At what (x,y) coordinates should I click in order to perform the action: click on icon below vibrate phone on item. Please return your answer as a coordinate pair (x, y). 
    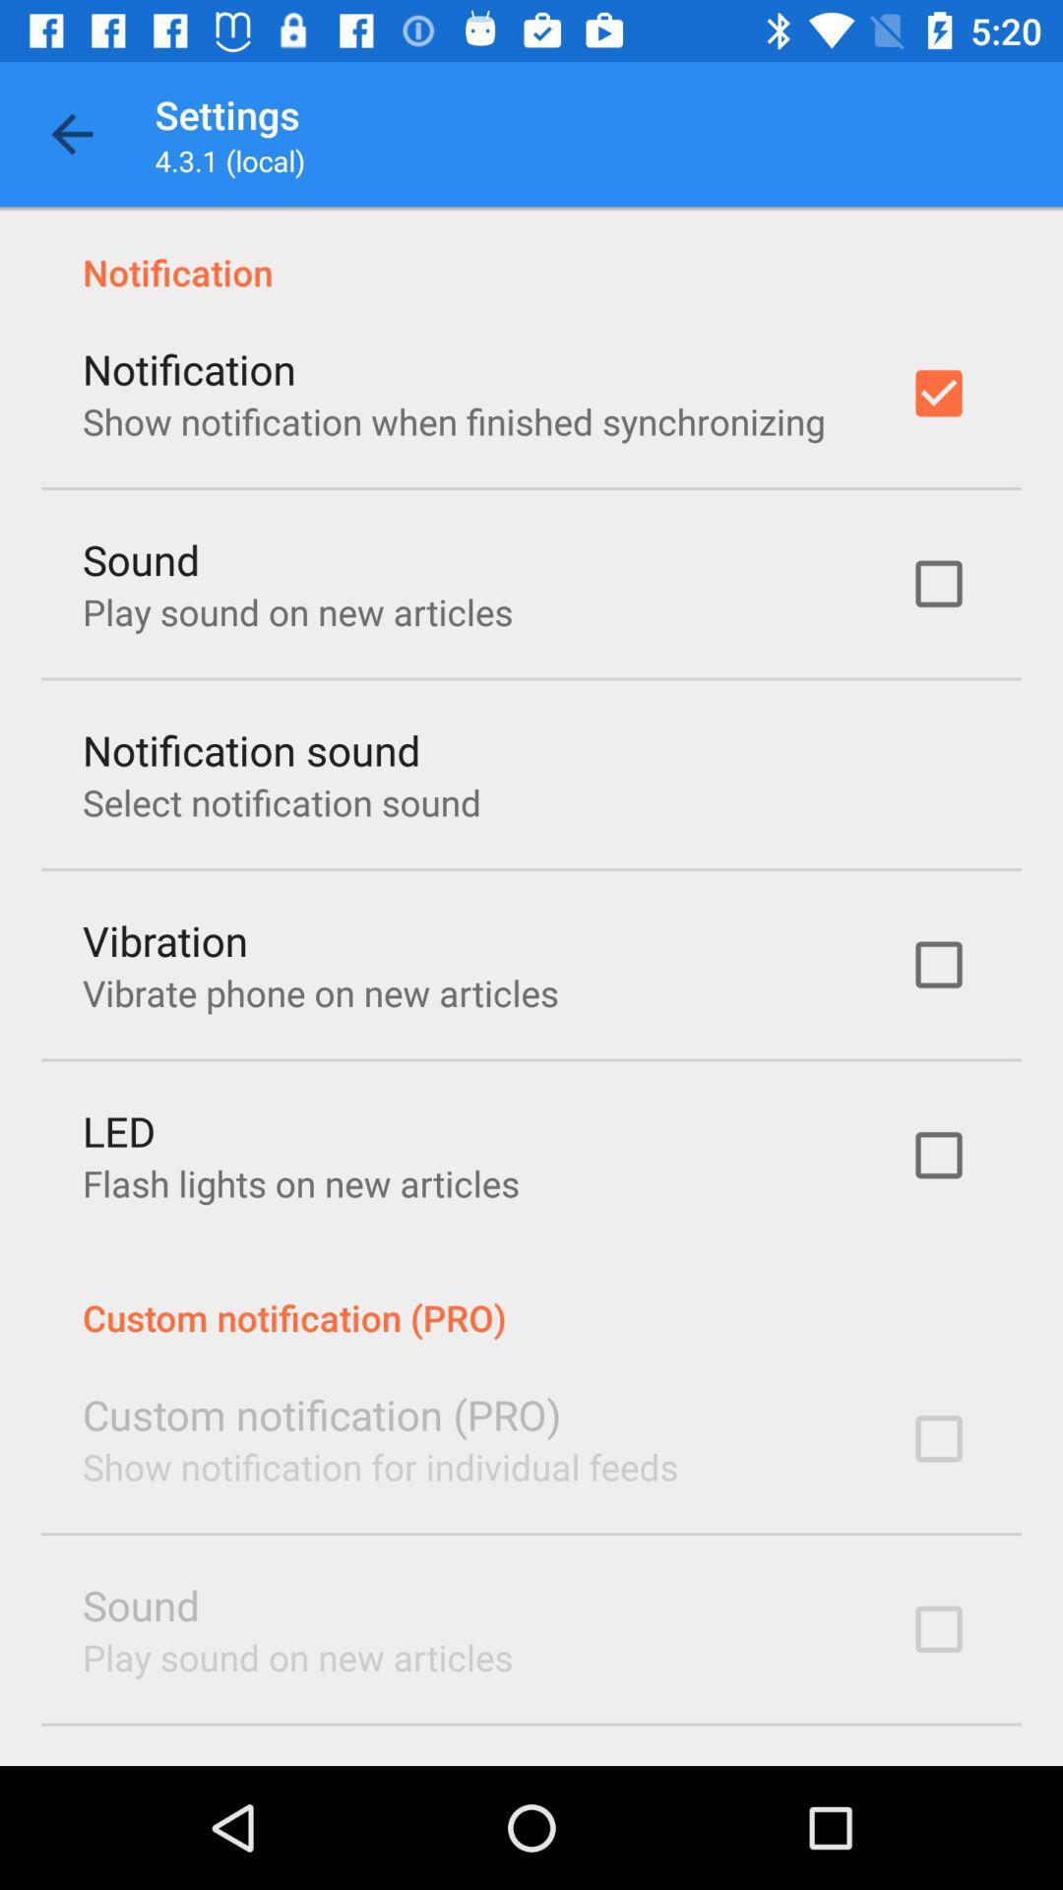
    Looking at the image, I should click on (119, 1130).